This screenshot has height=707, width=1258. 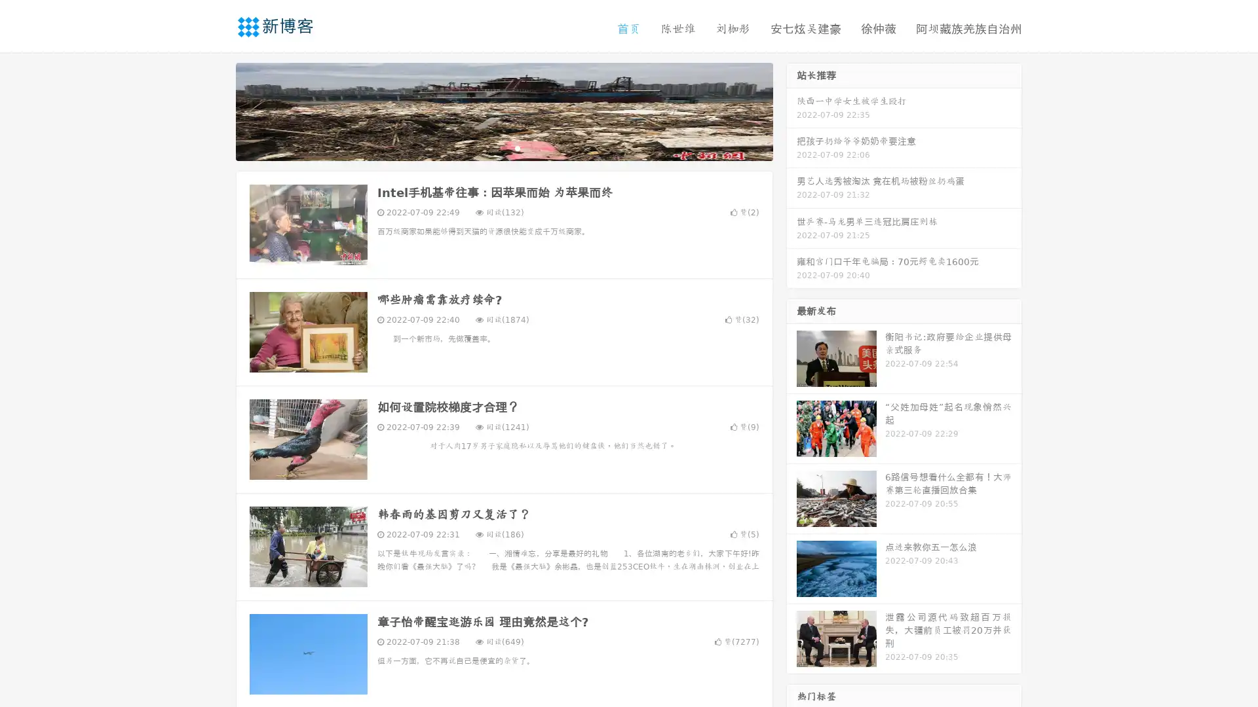 What do you see at coordinates (490, 147) in the screenshot?
I see `Go to slide 1` at bounding box center [490, 147].